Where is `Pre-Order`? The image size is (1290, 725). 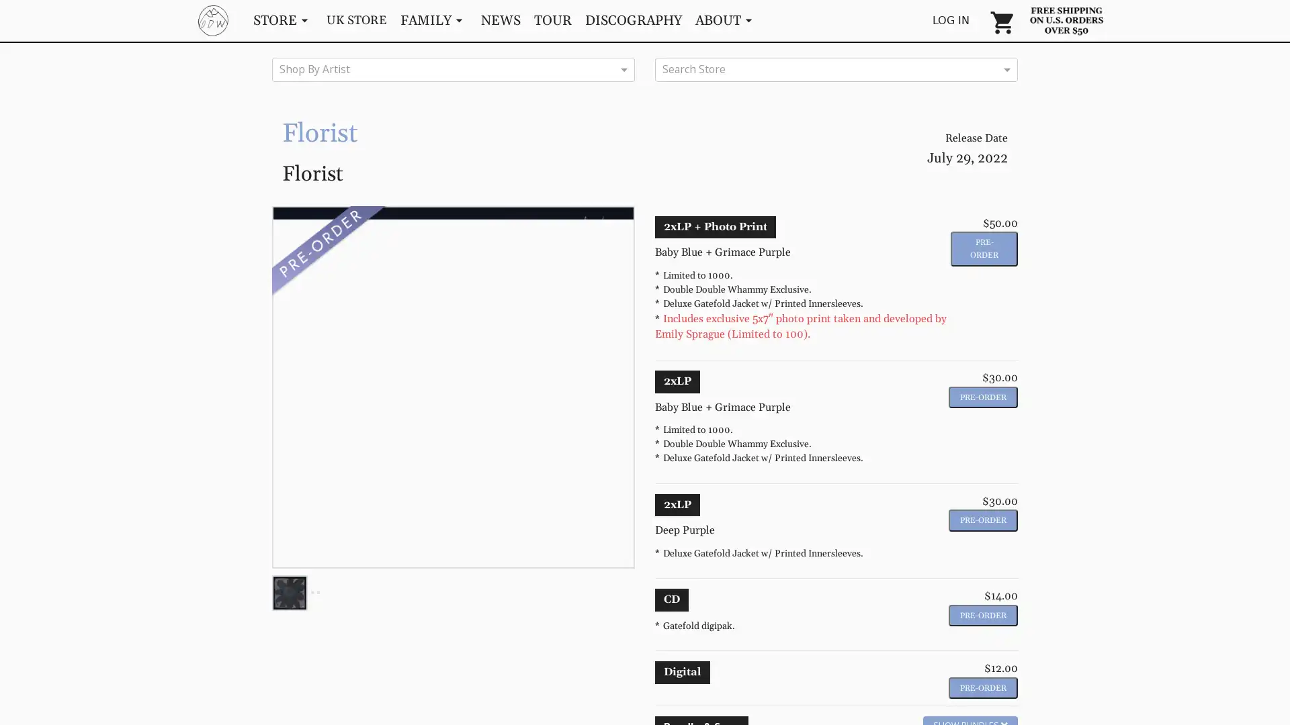 Pre-Order is located at coordinates (984, 248).